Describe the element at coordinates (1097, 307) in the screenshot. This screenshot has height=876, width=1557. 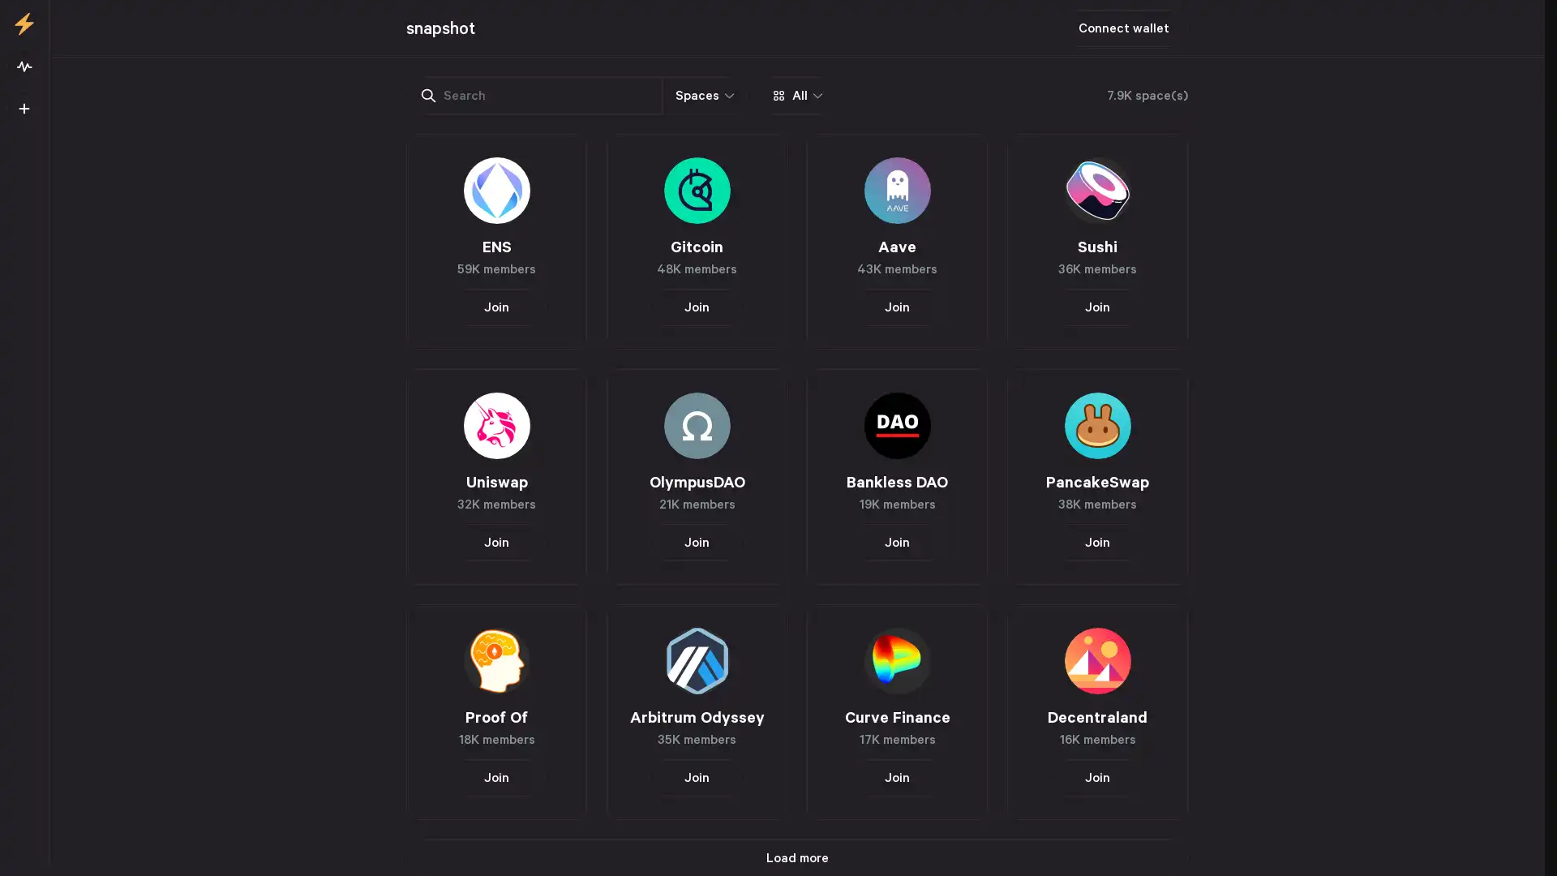
I see `Join` at that location.